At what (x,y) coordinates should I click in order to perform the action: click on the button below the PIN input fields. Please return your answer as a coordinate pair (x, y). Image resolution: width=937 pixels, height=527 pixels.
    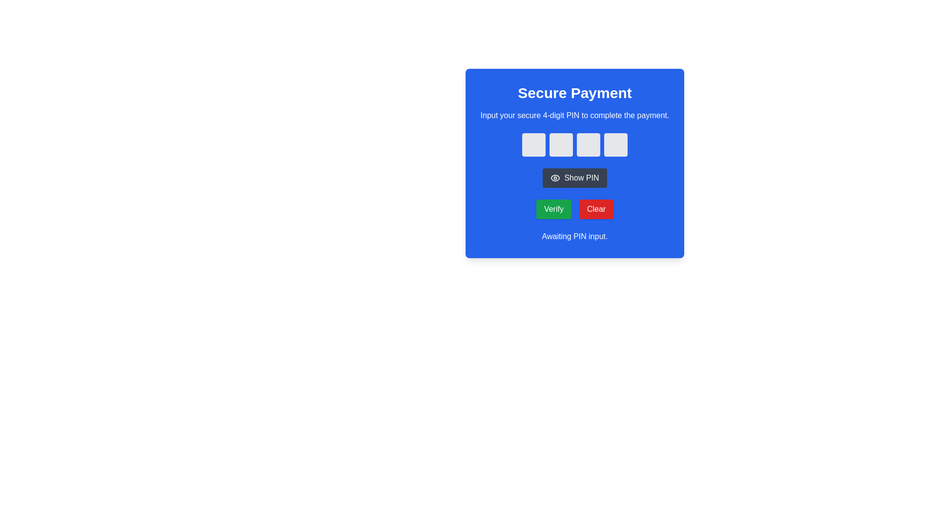
    Looking at the image, I should click on (574, 160).